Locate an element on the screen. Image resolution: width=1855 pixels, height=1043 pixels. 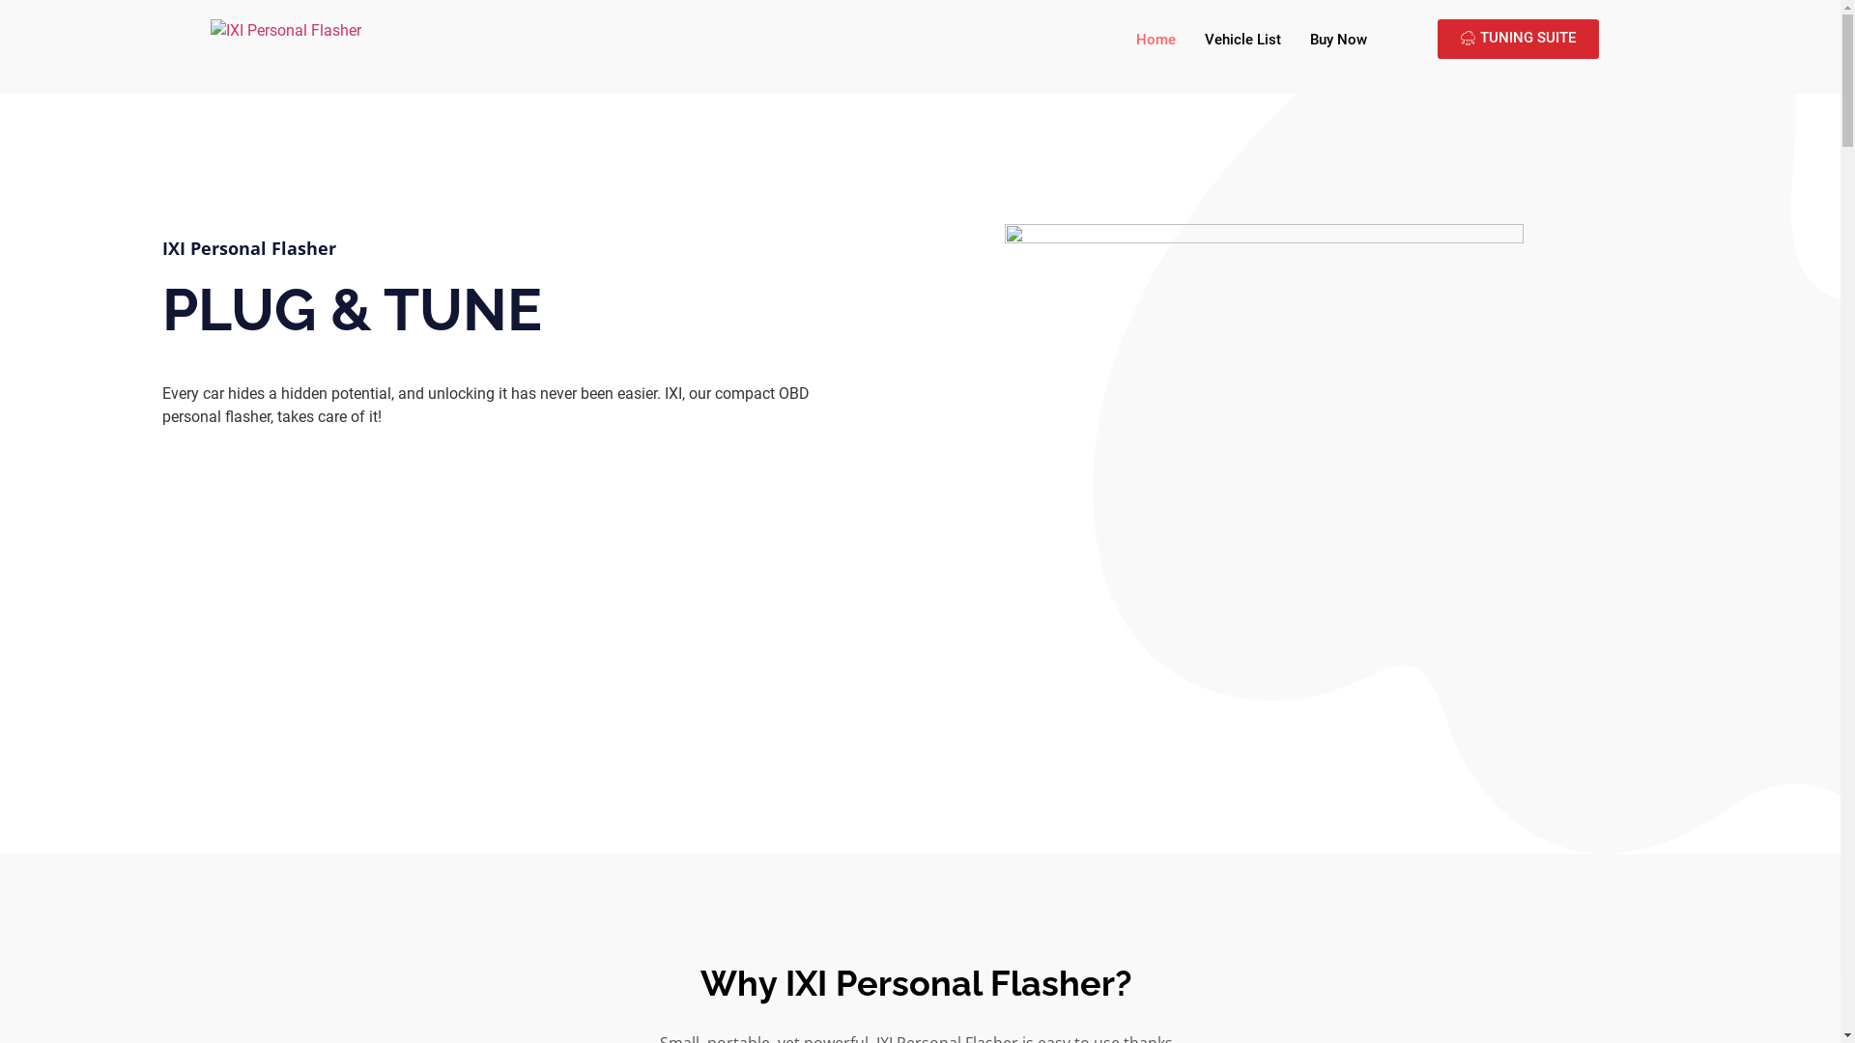
'Home' is located at coordinates (1156, 40).